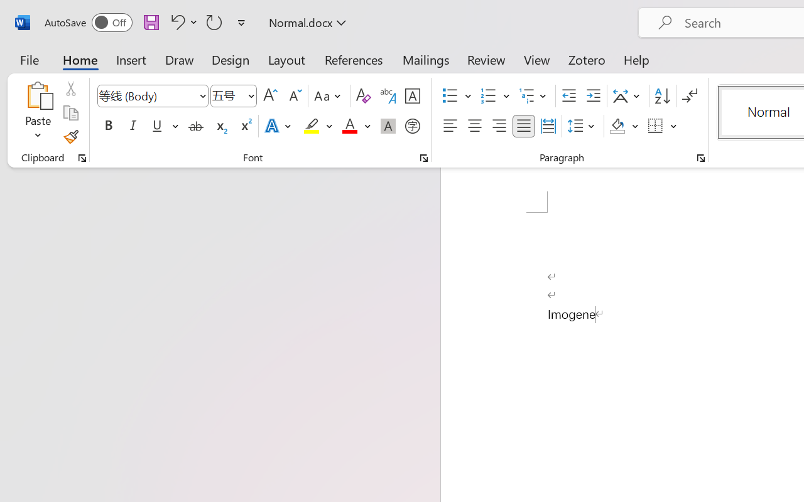  Describe the element at coordinates (133, 126) in the screenshot. I see `'Italic'` at that location.